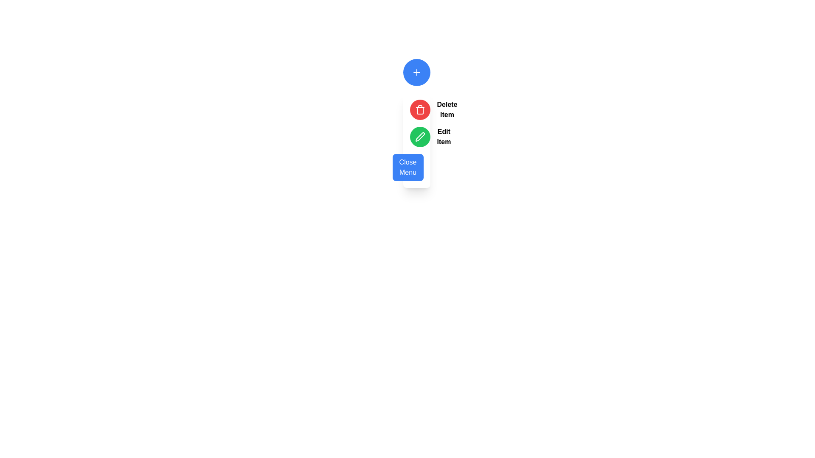  I want to click on the second button in the vertical list, located below the red delete button, so click(420, 137).